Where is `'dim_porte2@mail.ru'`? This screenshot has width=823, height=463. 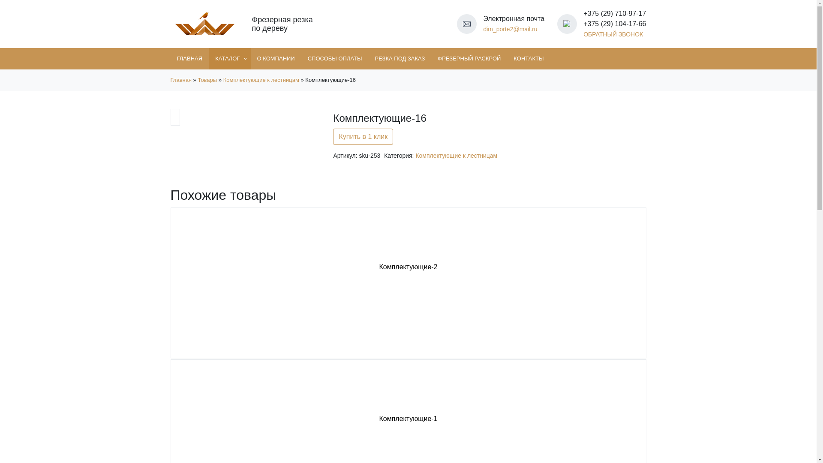
'dim_porte2@mail.ru' is located at coordinates (510, 29).